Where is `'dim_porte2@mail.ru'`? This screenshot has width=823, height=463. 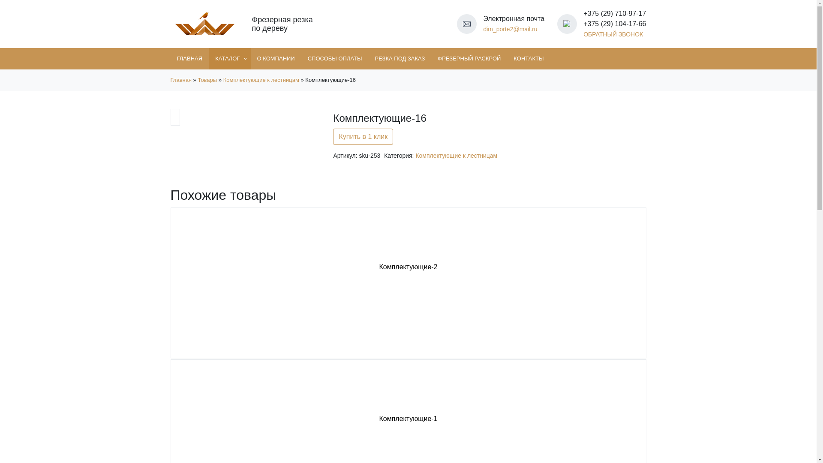
'dim_porte2@mail.ru' is located at coordinates (510, 29).